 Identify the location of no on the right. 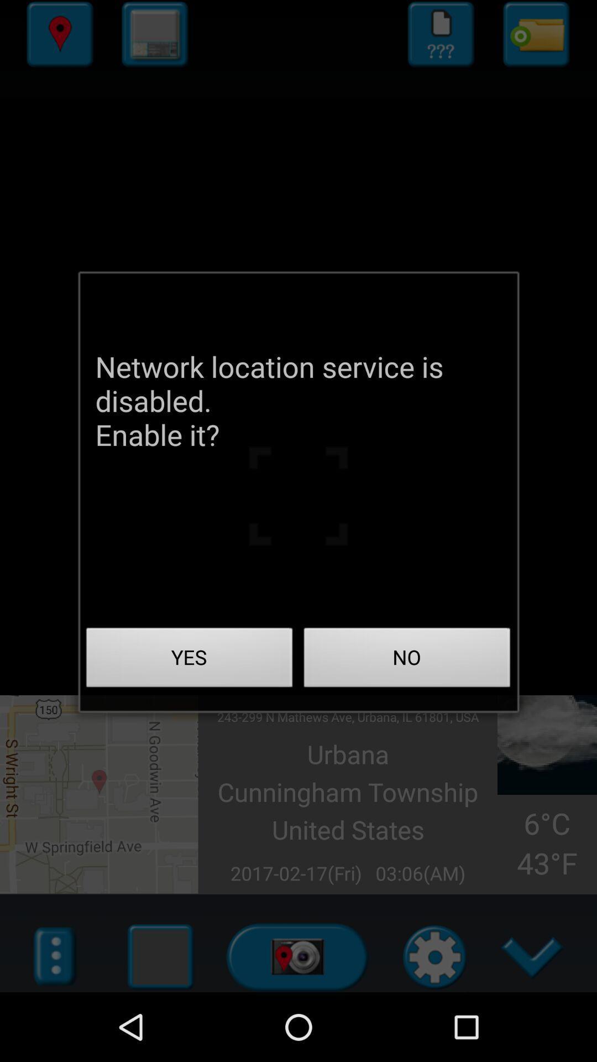
(407, 660).